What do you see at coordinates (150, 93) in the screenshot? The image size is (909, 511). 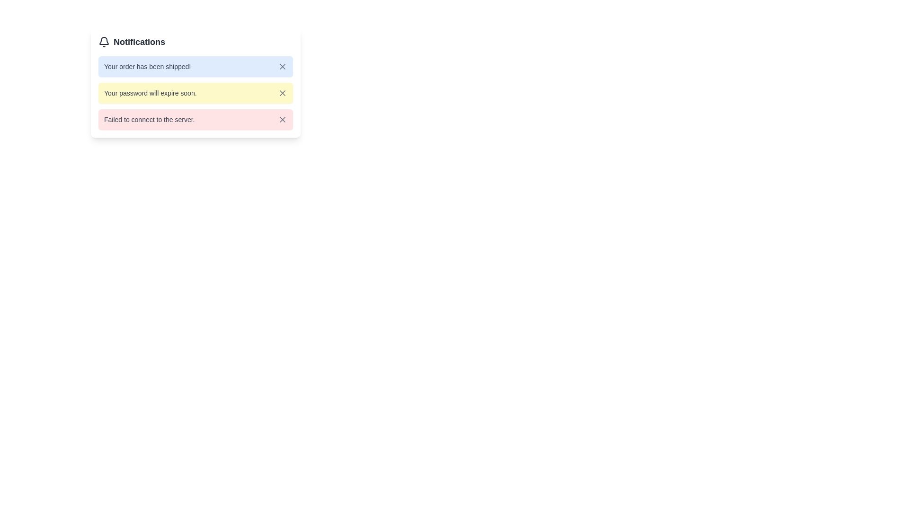 I see `the static text notification about impending password expiration located in the second notification card, positioned below the blue notification 'Your order has been shipped!' and above the red notification 'Failed to connect to the server.'` at bounding box center [150, 93].